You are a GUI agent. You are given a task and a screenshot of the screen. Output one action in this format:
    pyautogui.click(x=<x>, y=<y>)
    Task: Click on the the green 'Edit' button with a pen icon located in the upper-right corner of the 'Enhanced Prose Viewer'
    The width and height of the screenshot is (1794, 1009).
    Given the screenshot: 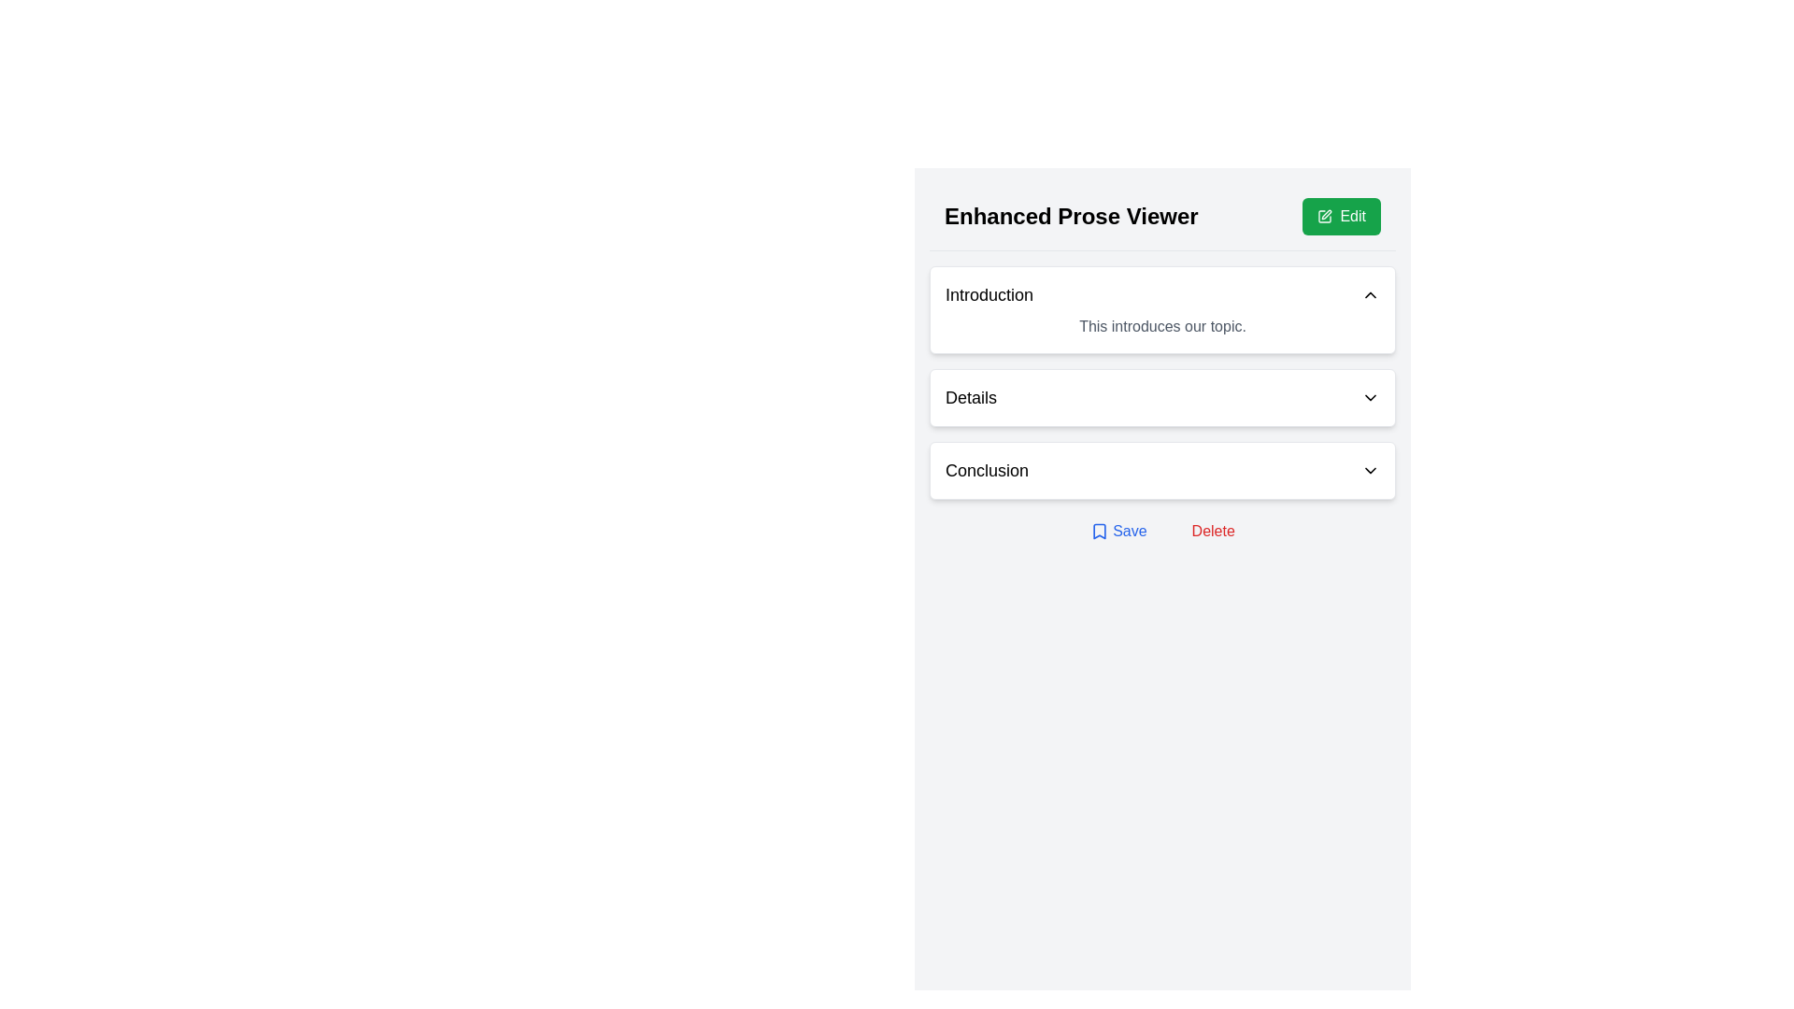 What is the action you would take?
    pyautogui.click(x=1340, y=215)
    